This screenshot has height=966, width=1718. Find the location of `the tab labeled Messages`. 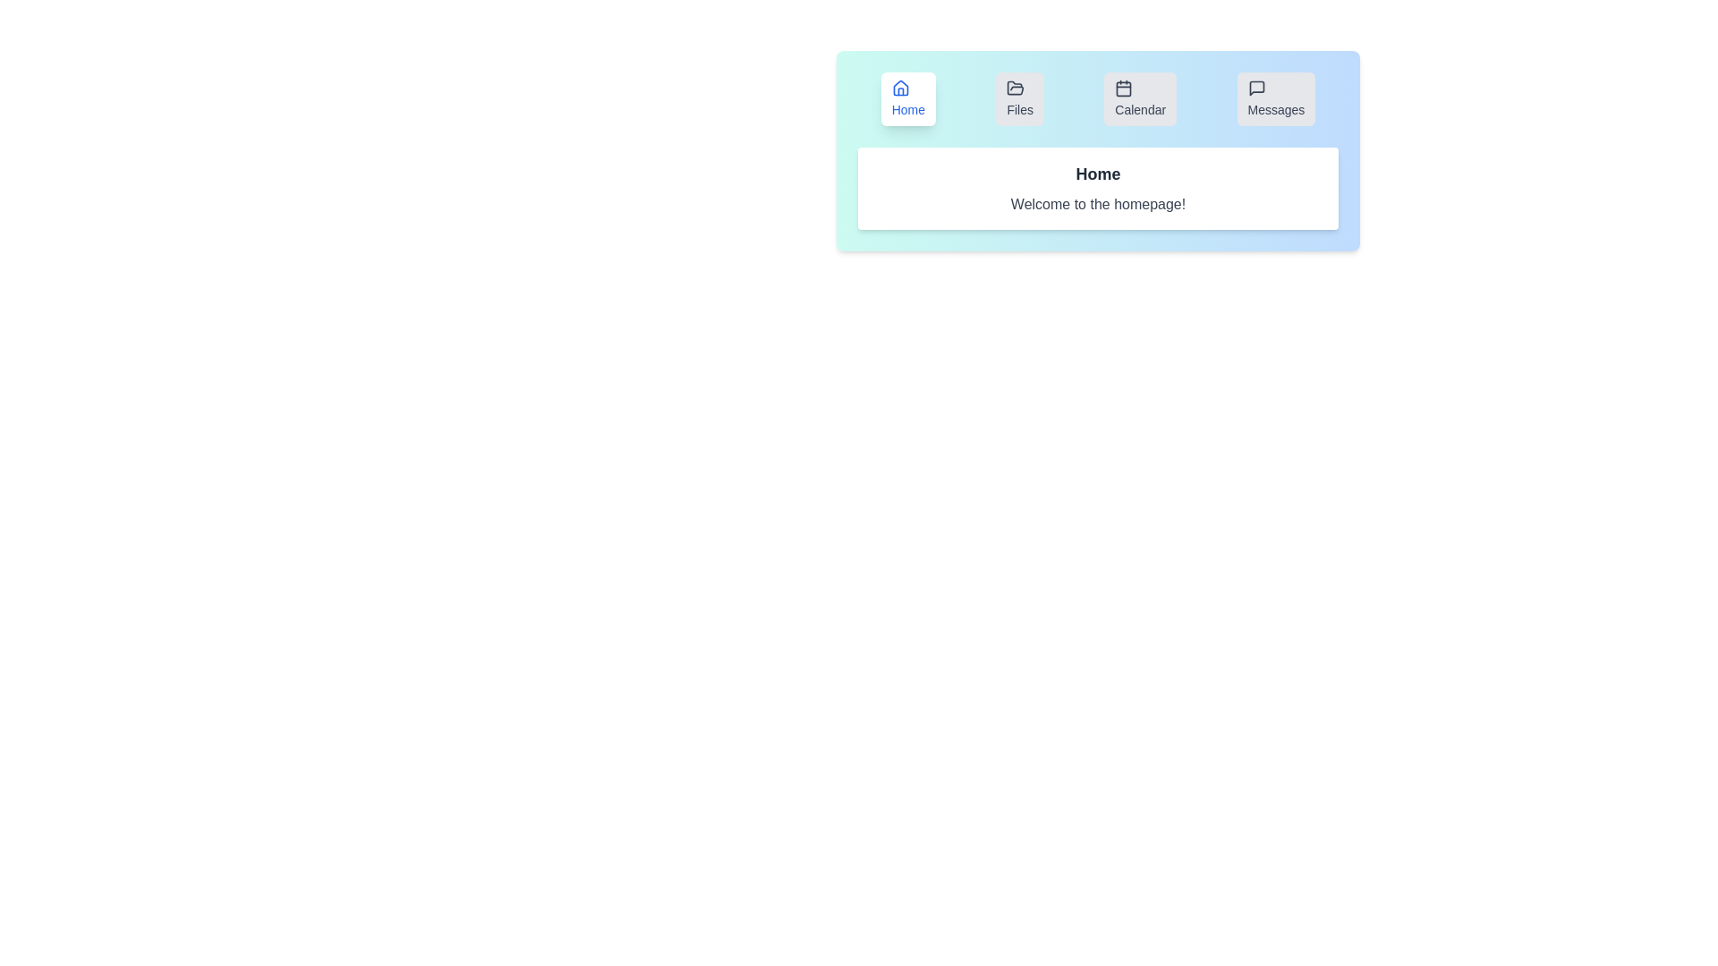

the tab labeled Messages is located at coordinates (1275, 99).